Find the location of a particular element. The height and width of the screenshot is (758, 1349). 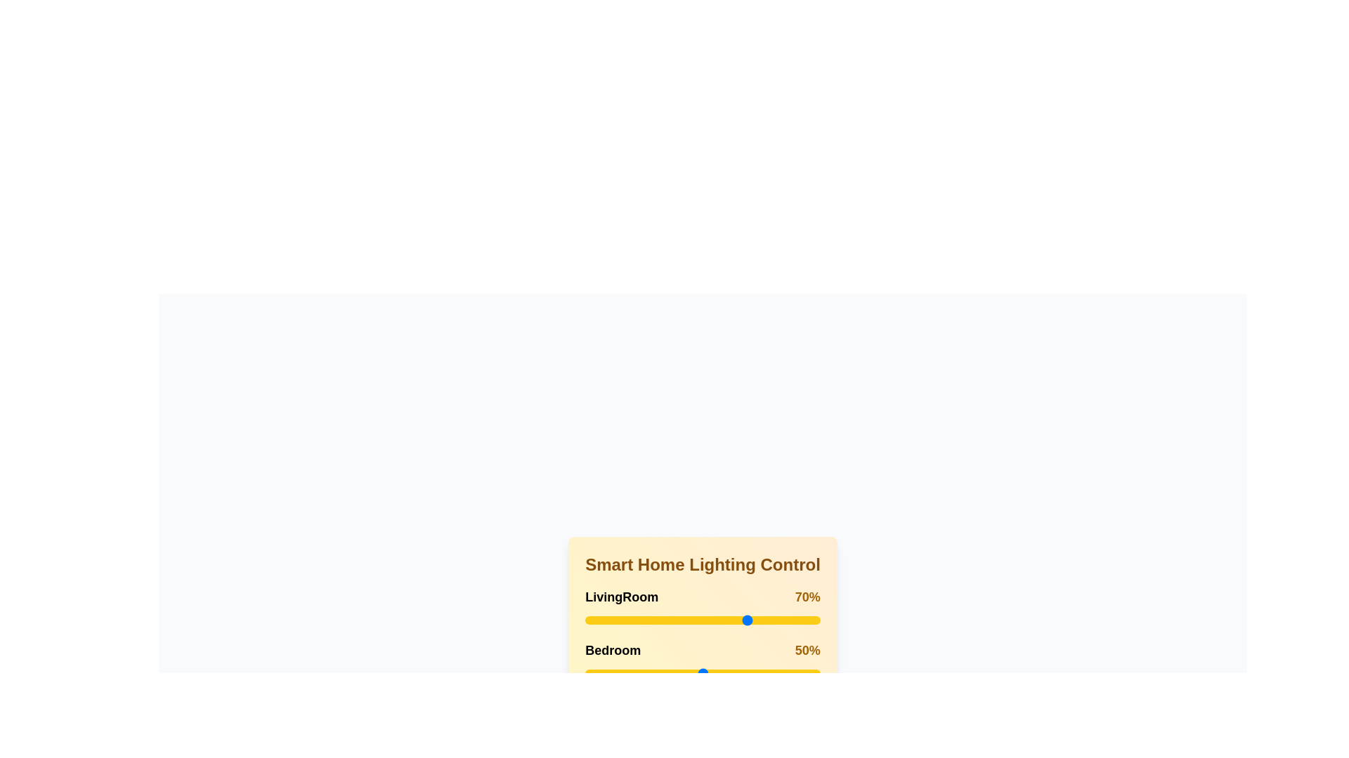

the yellow horizontal range slider track located below the 'LivingRoom' and '70%' labels to set a value is located at coordinates (703, 619).